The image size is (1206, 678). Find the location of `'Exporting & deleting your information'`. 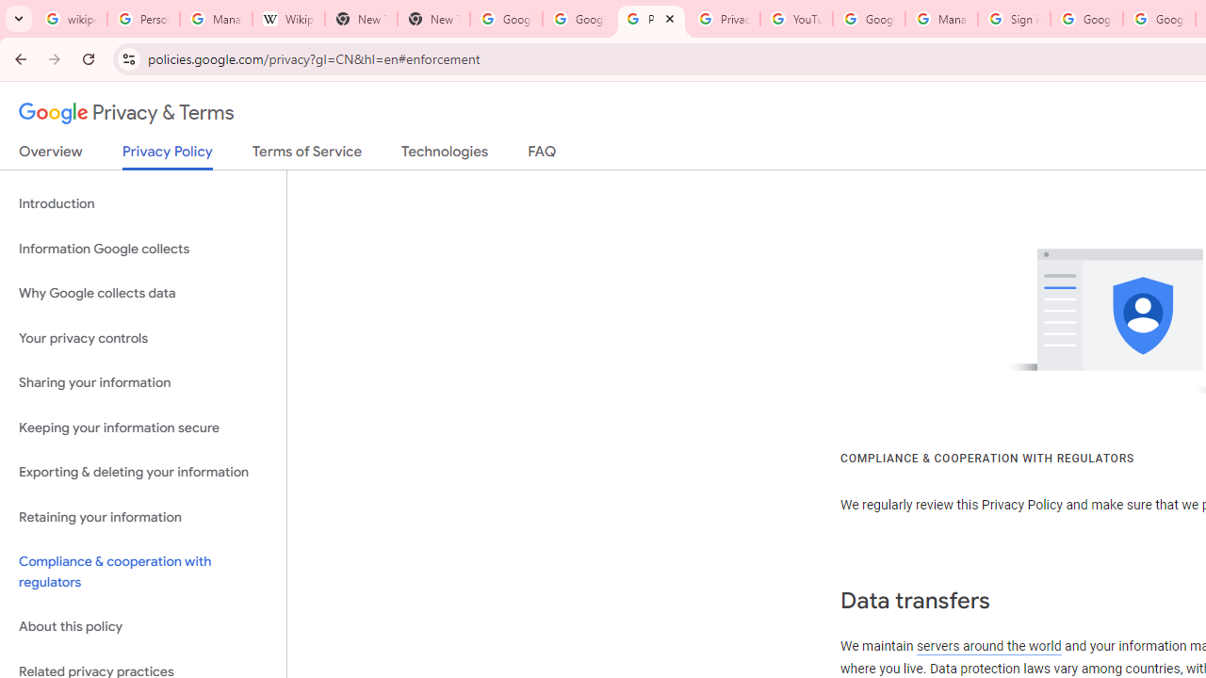

'Exporting & deleting your information' is located at coordinates (142, 472).